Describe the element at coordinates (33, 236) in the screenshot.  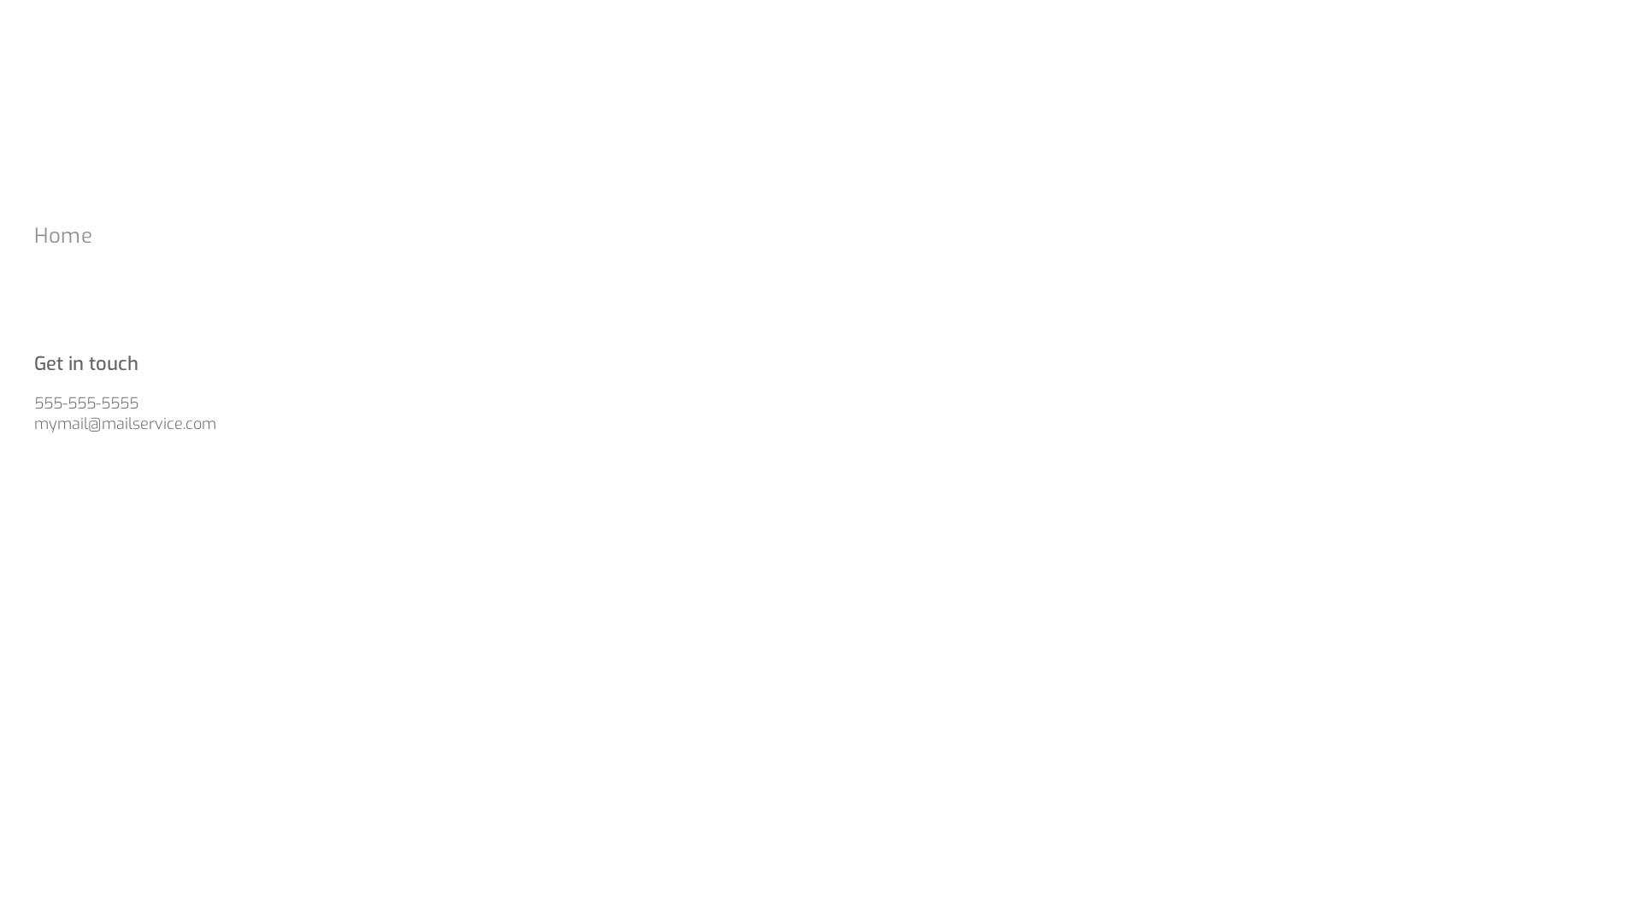
I see `'Home'` at that location.